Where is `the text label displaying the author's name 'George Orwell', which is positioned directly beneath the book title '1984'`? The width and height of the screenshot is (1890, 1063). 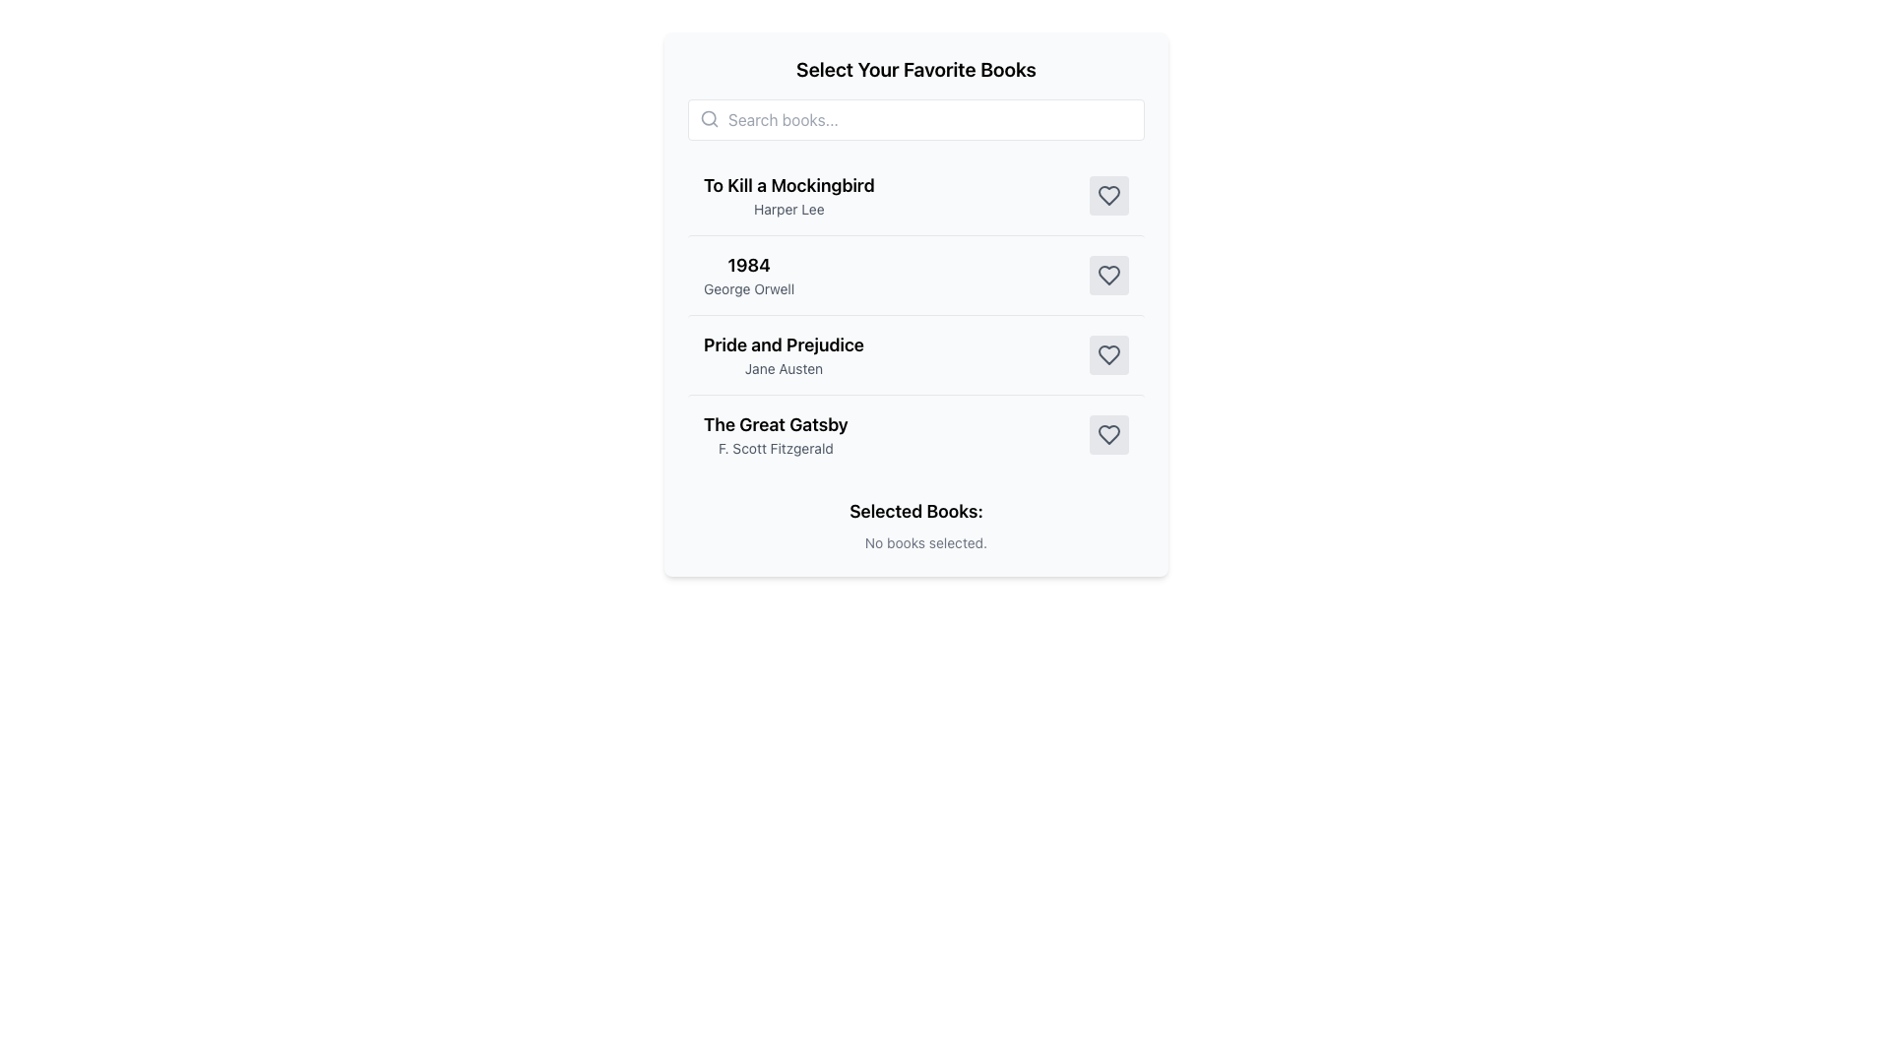
the text label displaying the author's name 'George Orwell', which is positioned directly beneath the book title '1984' is located at coordinates (748, 288).